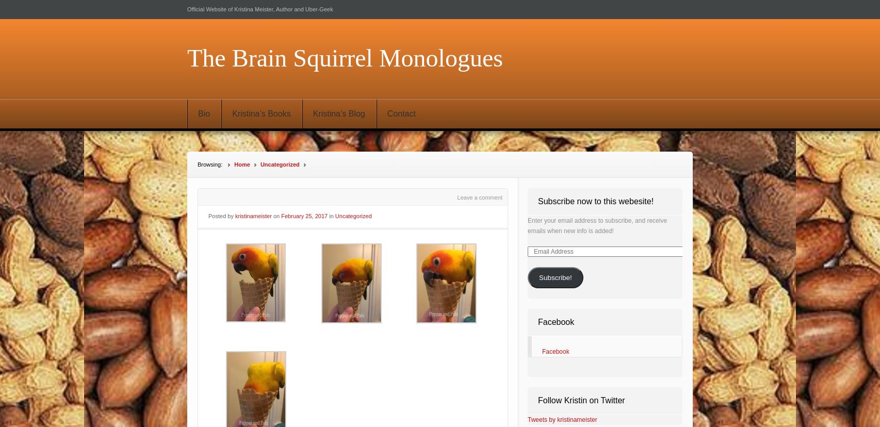 The width and height of the screenshot is (880, 427). I want to click on 'Subscribe!', so click(555, 277).